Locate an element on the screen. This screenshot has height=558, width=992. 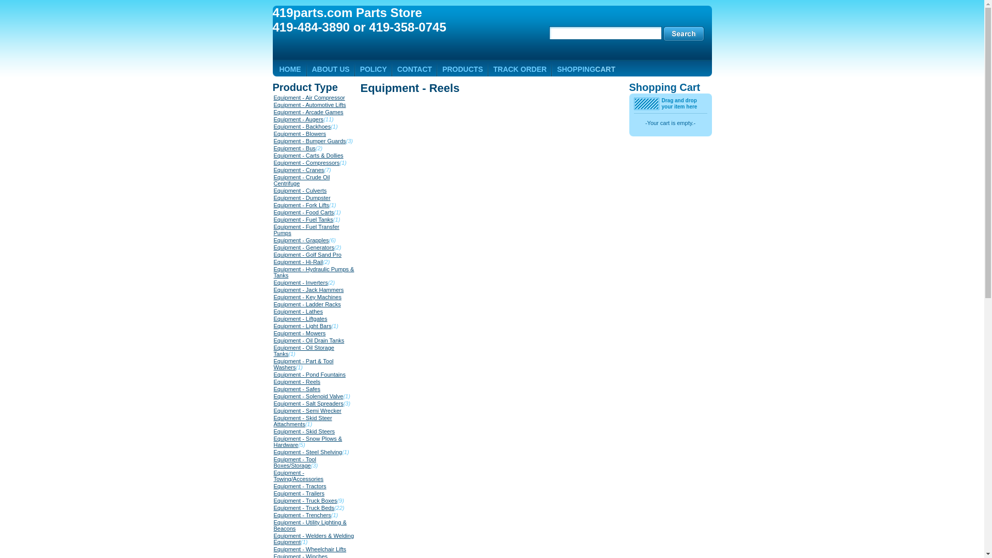
'Equipment - Salt Spreaders' is located at coordinates (308, 402).